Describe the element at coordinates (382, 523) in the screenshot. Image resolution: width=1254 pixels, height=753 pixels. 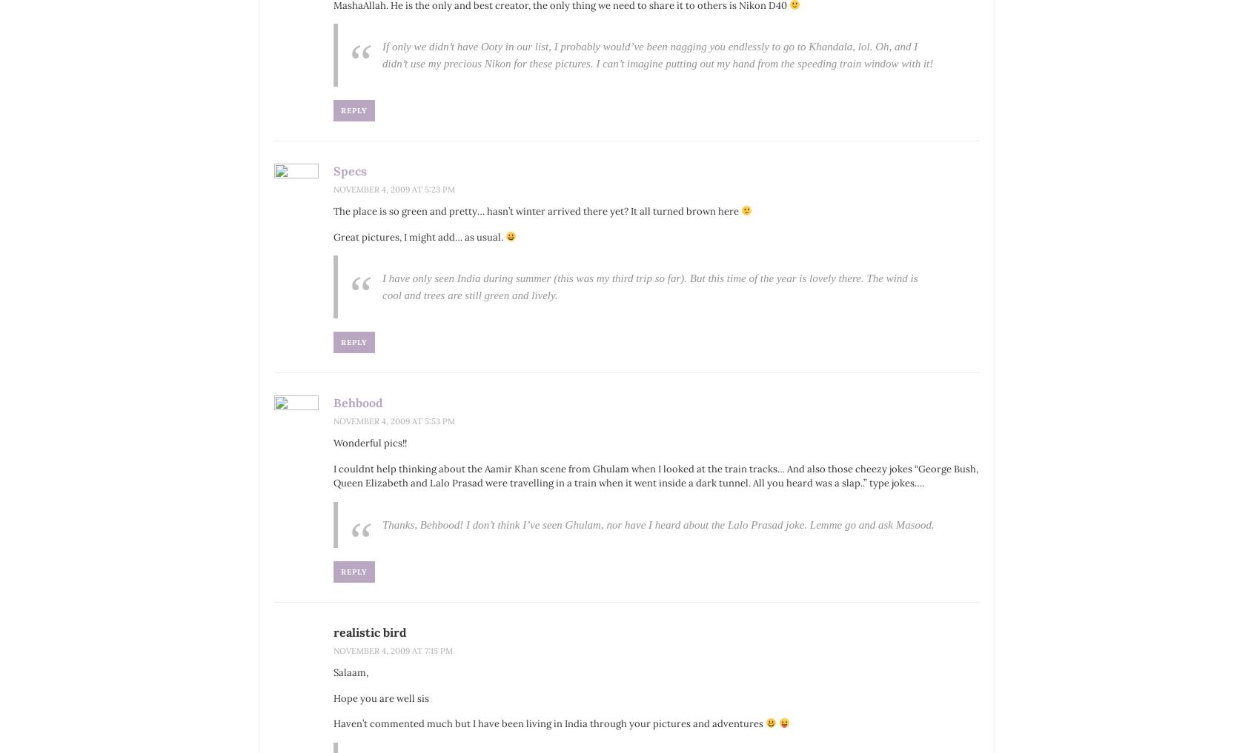
I see `'Thanks, Behbood! I don’t think I’ve seen Ghulam, nor have I heard about the Lalo Prasad joke. Lemme go and ask Masood.'` at that location.